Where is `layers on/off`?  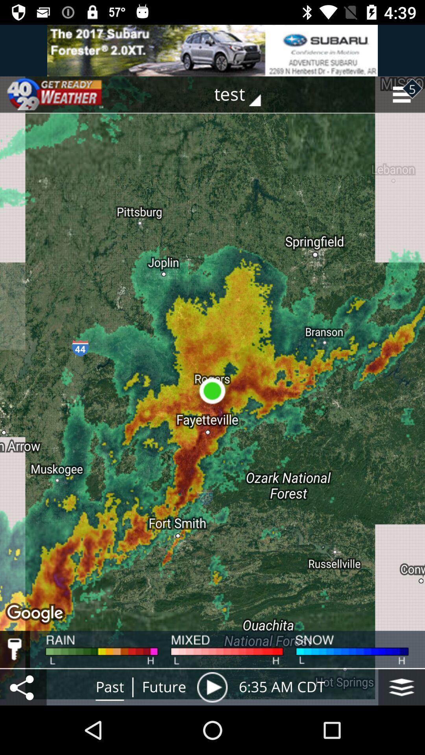
layers on/off is located at coordinates (401, 687).